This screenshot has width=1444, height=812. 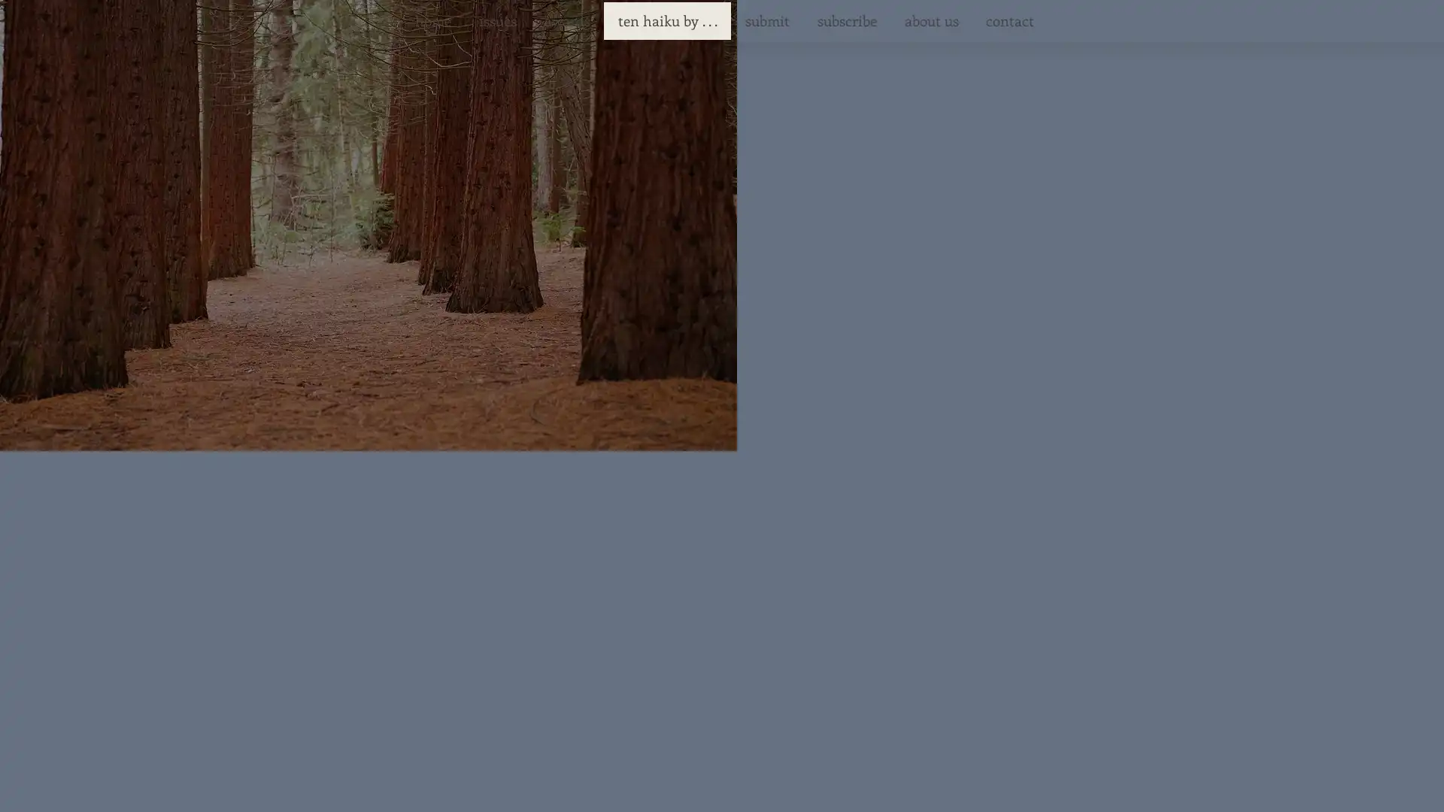 What do you see at coordinates (912, 401) in the screenshot?
I see `Next` at bounding box center [912, 401].